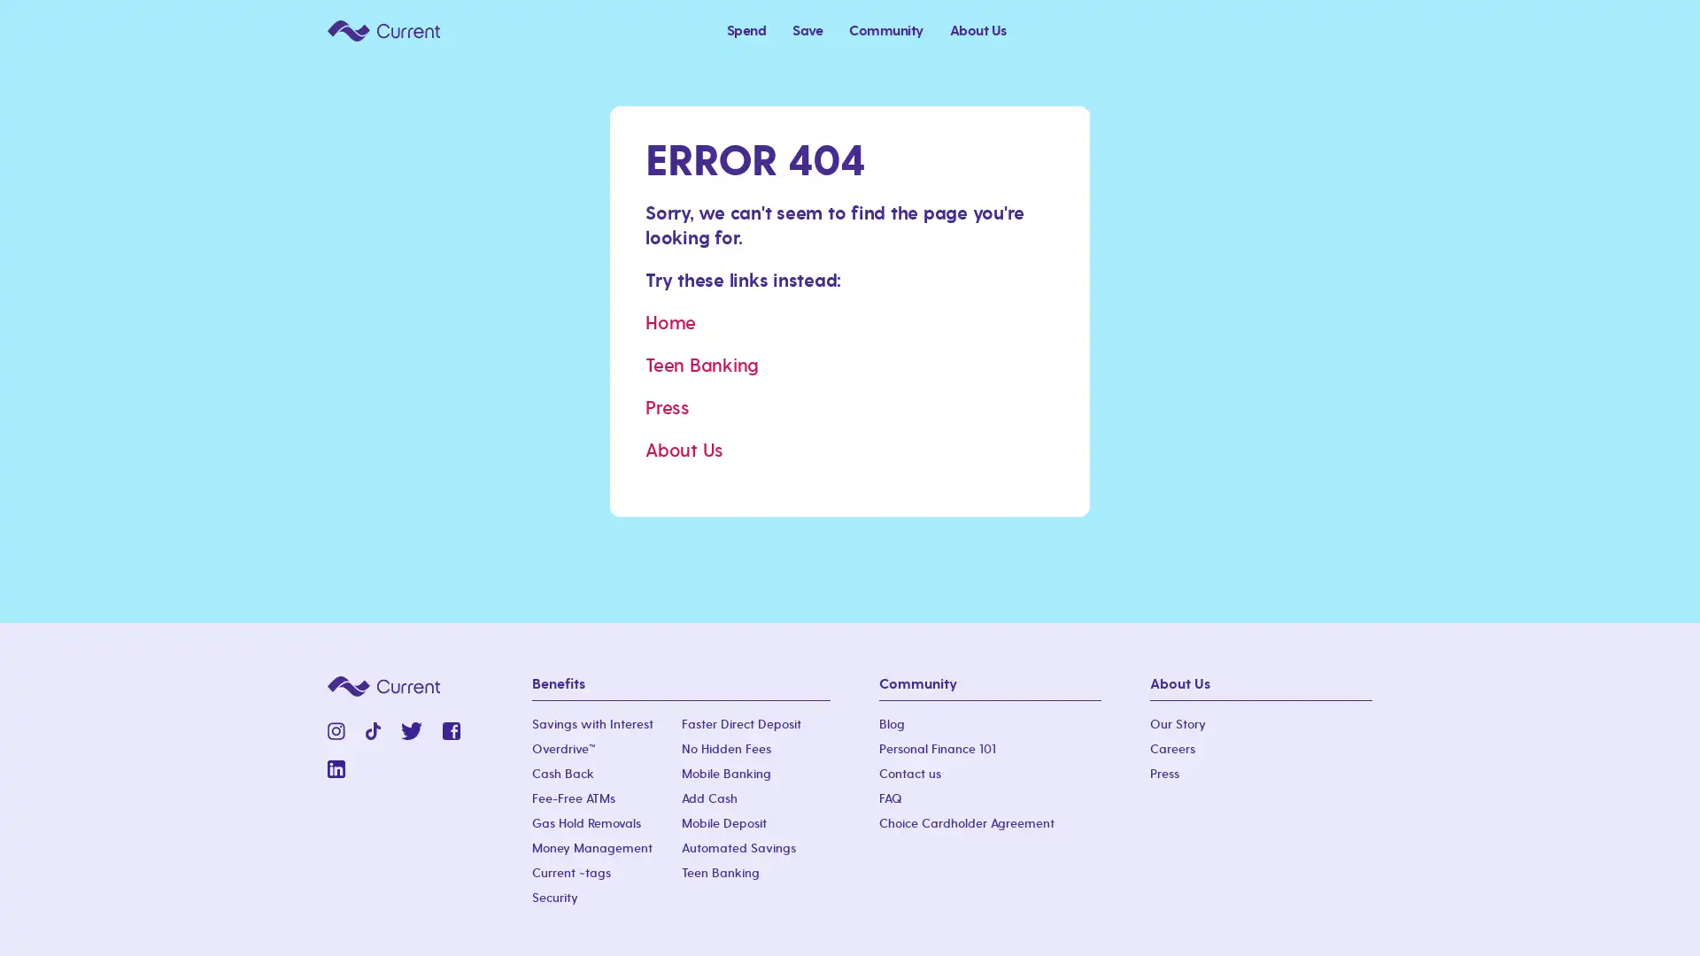 Image resolution: width=1700 pixels, height=956 pixels. What do you see at coordinates (1164, 774) in the screenshot?
I see `Press` at bounding box center [1164, 774].